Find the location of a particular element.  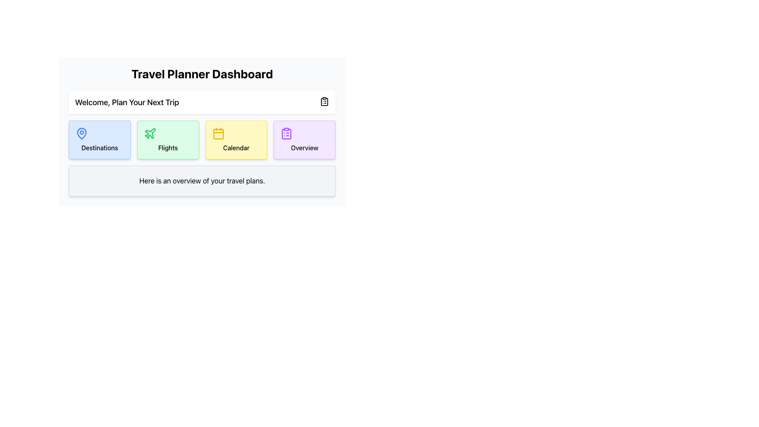

the Vector graphic icon that represents the destinations feature within the 'Destinations' card, which is the first of four horizontally aligned cards is located at coordinates (81, 132).